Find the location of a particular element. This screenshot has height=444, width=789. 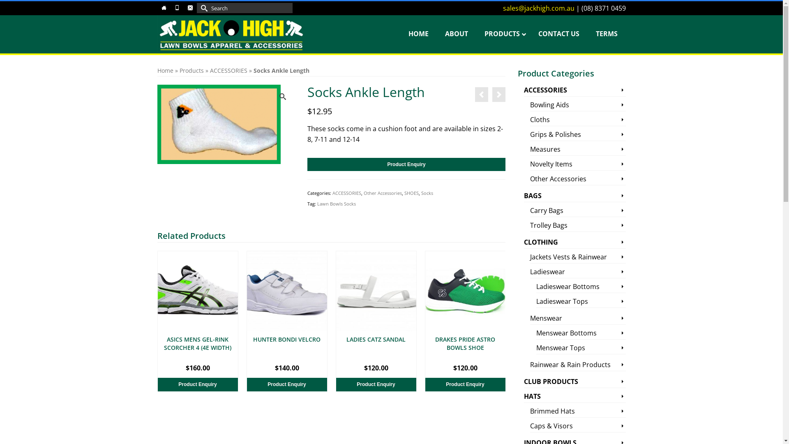

'HATS' is located at coordinates (574, 396).